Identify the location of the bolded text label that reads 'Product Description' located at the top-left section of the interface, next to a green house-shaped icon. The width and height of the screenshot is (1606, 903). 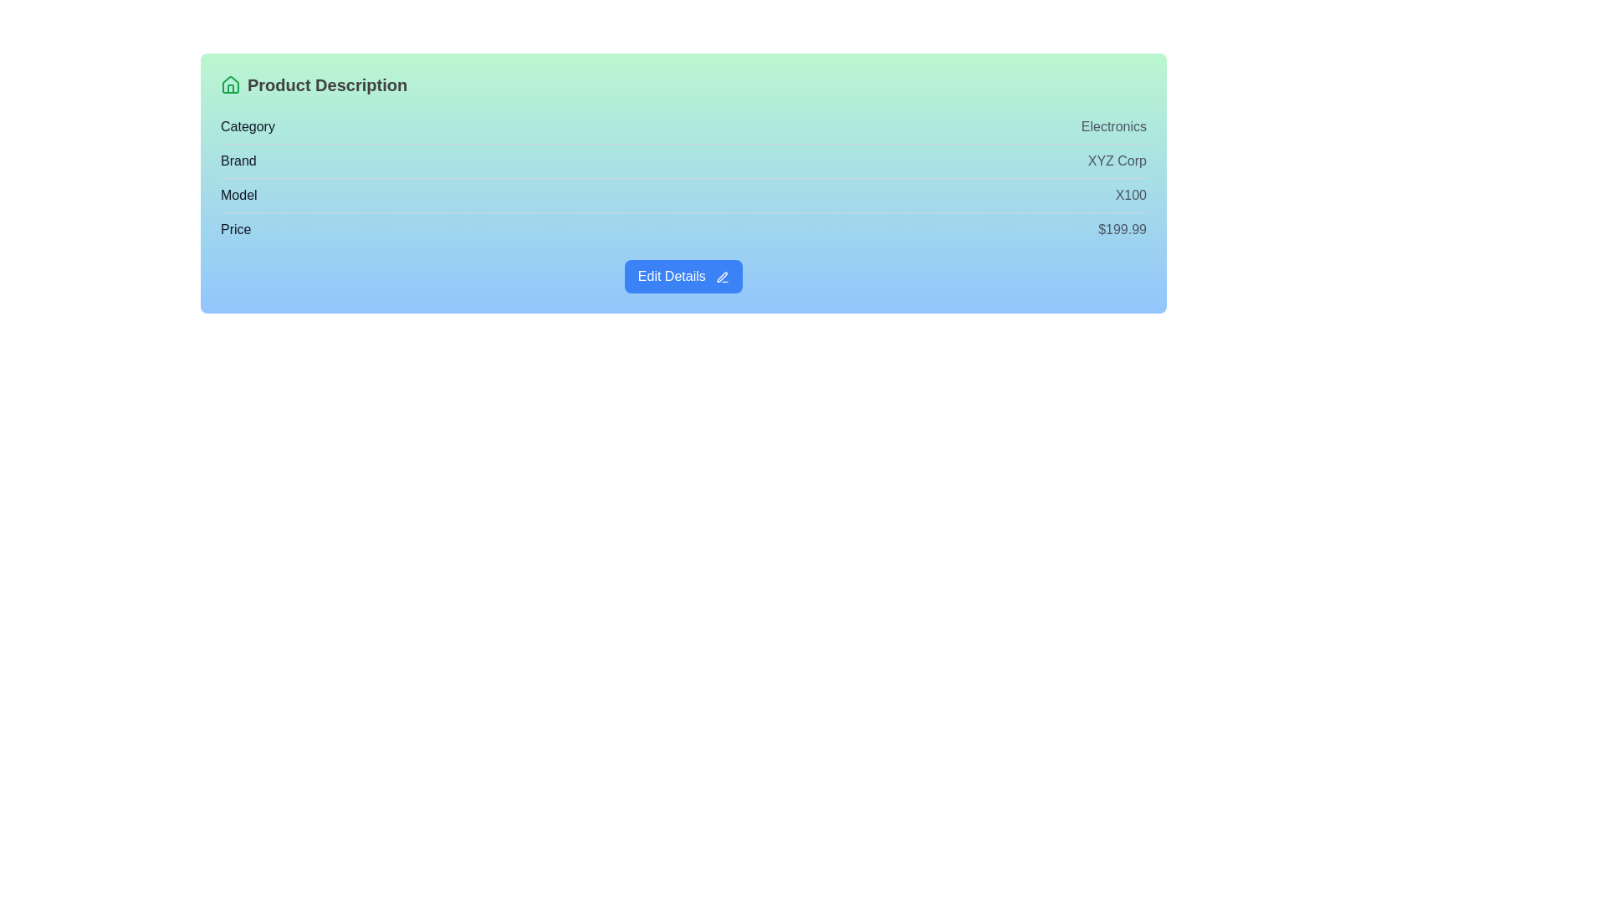
(327, 84).